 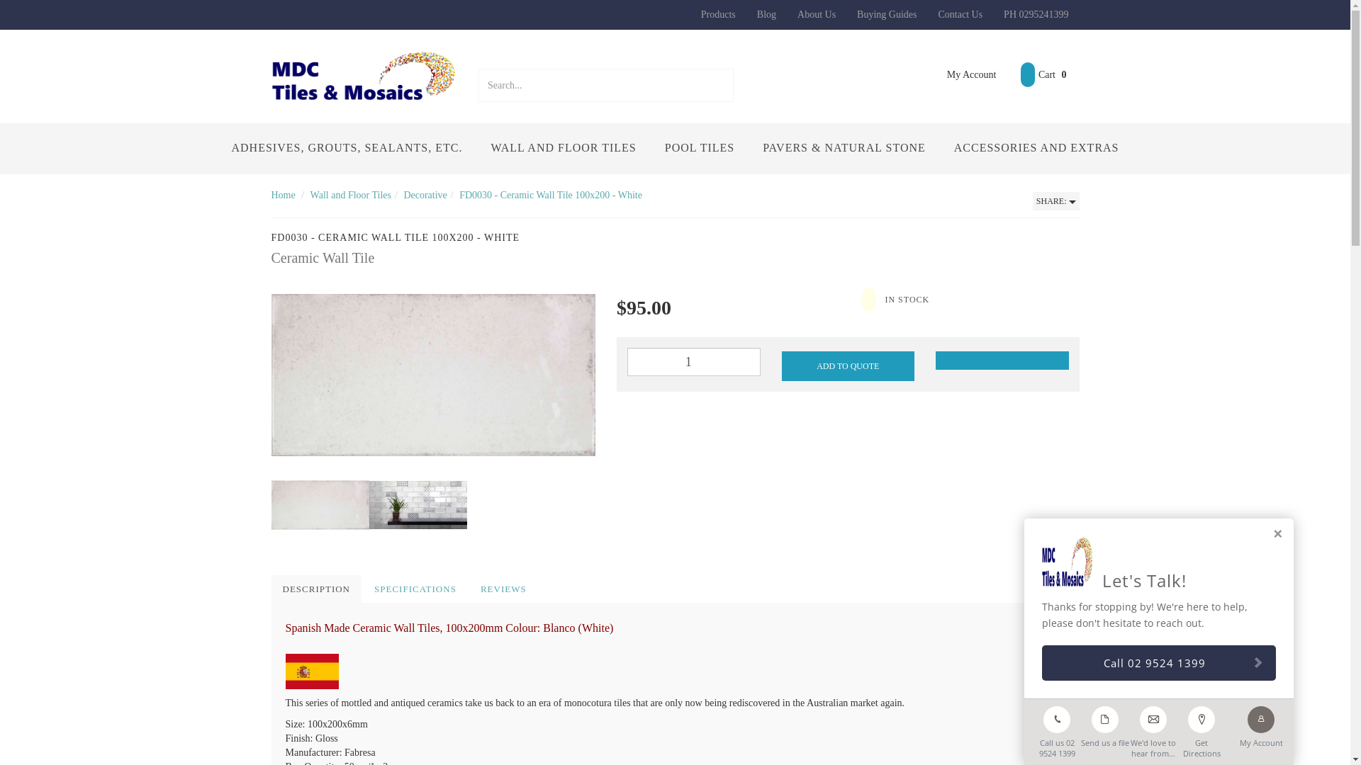 What do you see at coordinates (1036, 14) in the screenshot?
I see `'PH 0295241399'` at bounding box center [1036, 14].